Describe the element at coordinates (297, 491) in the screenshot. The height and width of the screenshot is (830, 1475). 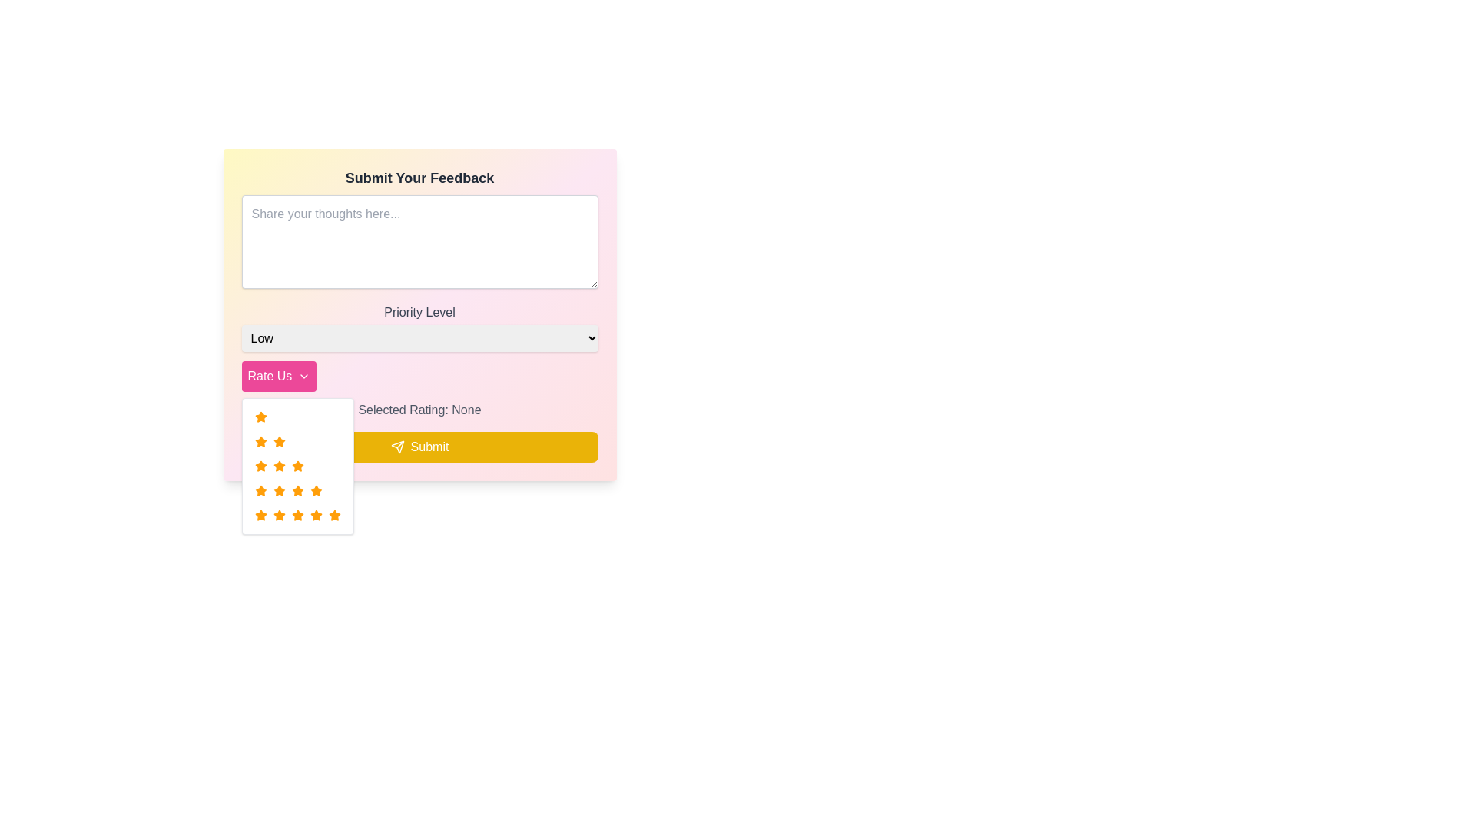
I see `the fourth star in the rating row within the dropdown rating menu located beneath the 'Rate Us' button` at that location.